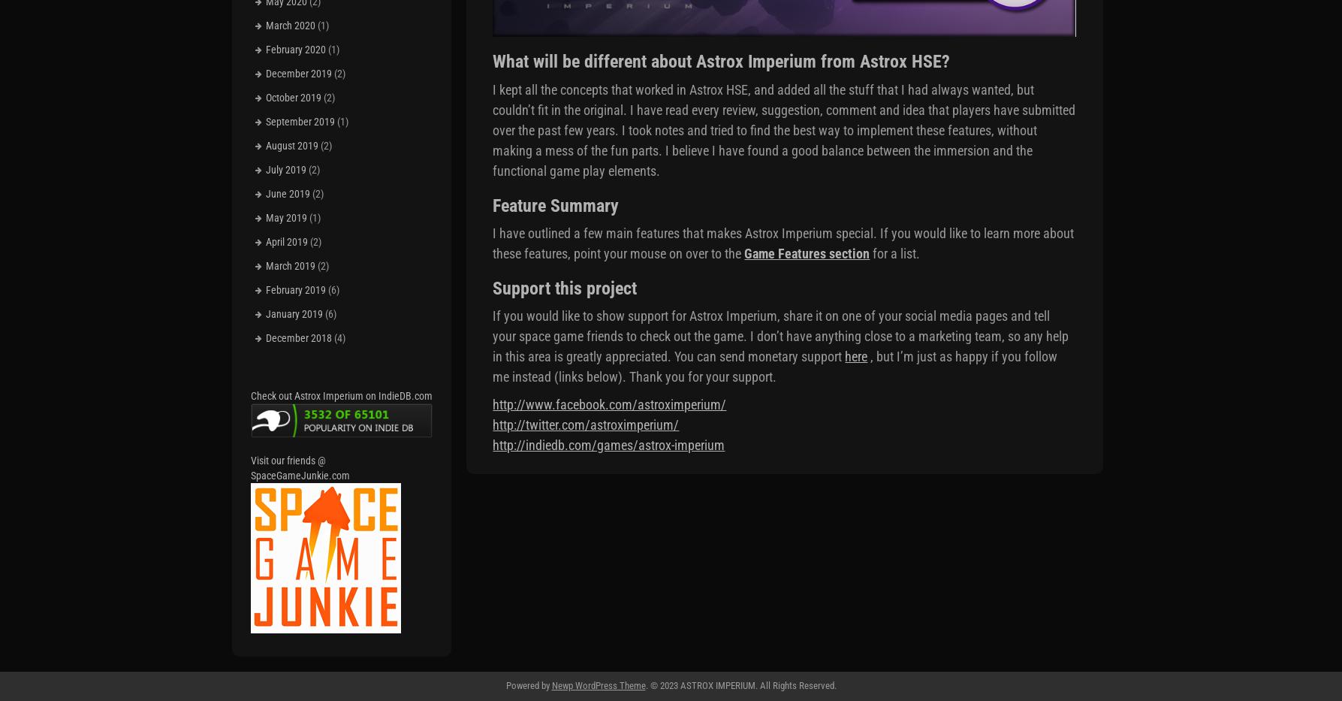 The image size is (1342, 701). Describe the element at coordinates (298, 336) in the screenshot. I see `'December 2018'` at that location.